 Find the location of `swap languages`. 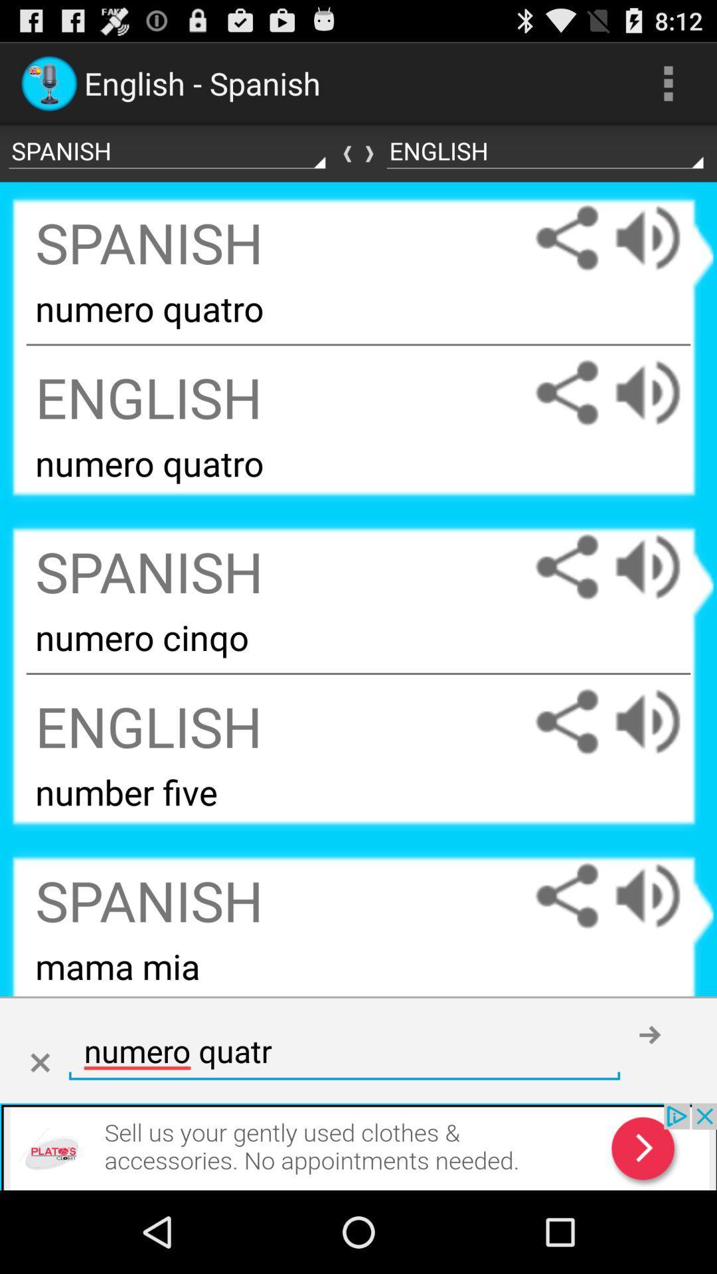

swap languages is located at coordinates (358, 153).